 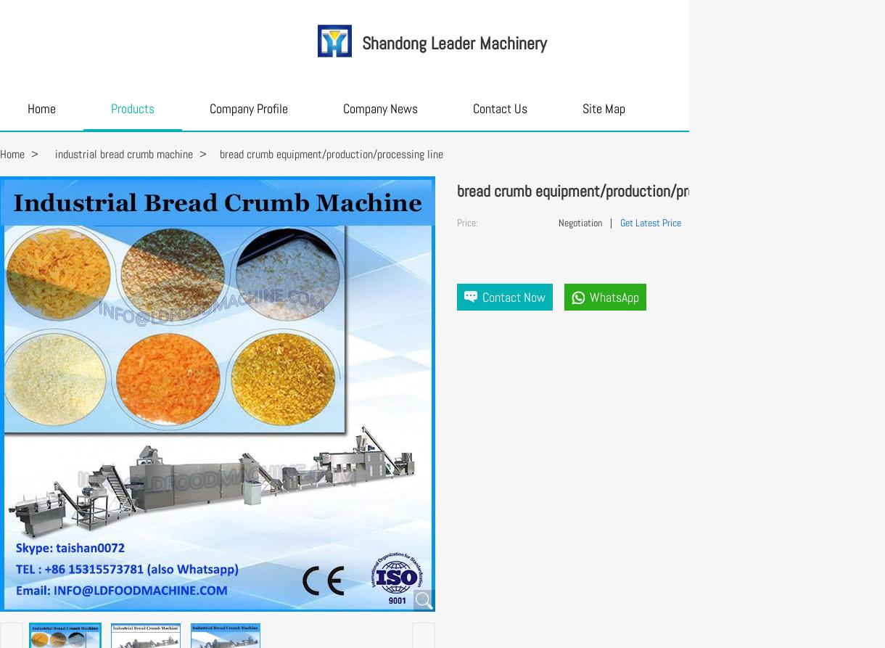 What do you see at coordinates (123, 153) in the screenshot?
I see `'industrial bread crumb machine'` at bounding box center [123, 153].